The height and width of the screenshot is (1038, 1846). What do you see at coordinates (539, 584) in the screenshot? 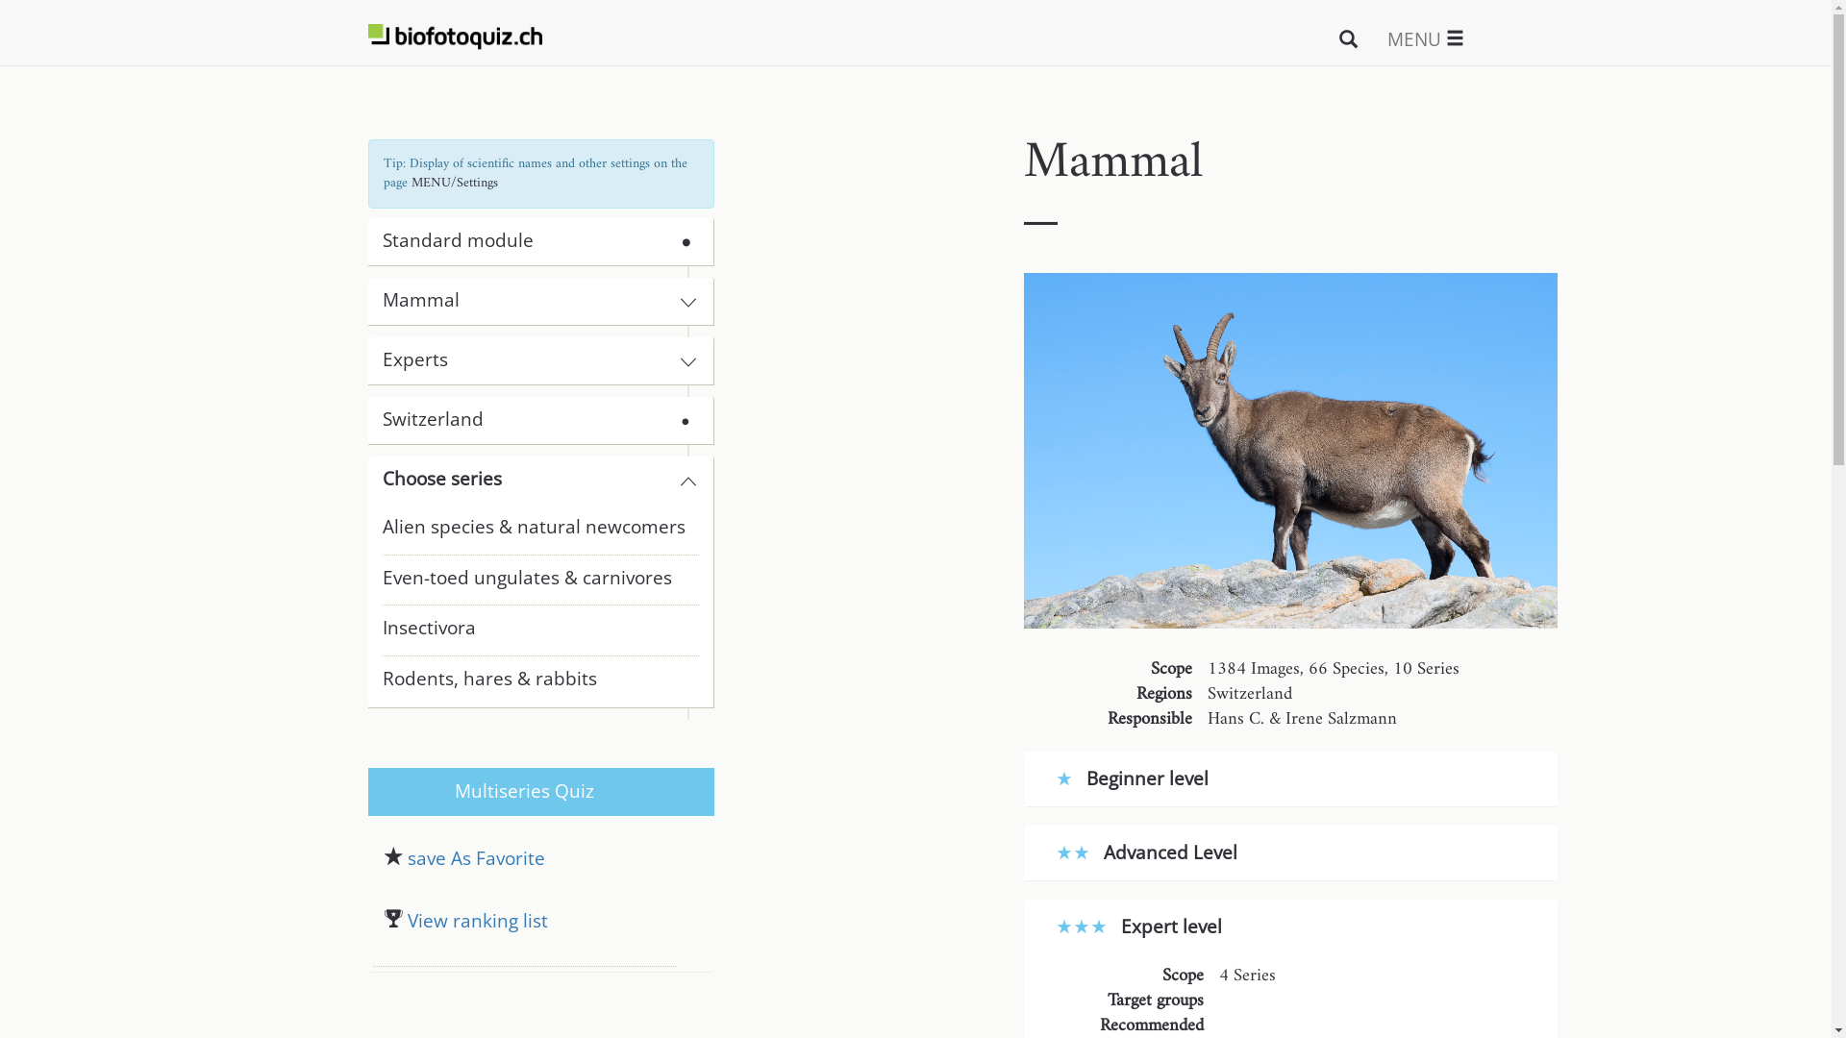
I see `'Even-toed ungulates & carnivores'` at bounding box center [539, 584].